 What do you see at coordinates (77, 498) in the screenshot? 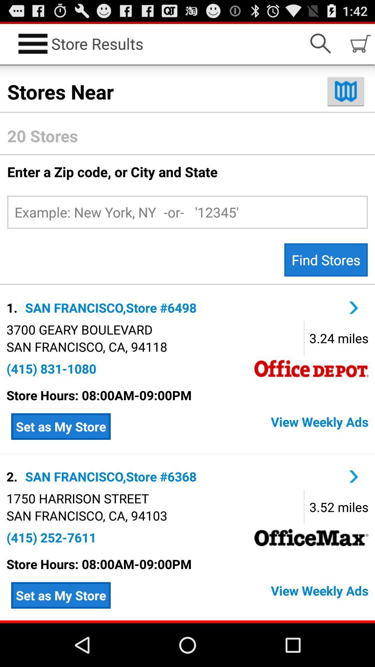
I see `item above san francisco ca icon` at bounding box center [77, 498].